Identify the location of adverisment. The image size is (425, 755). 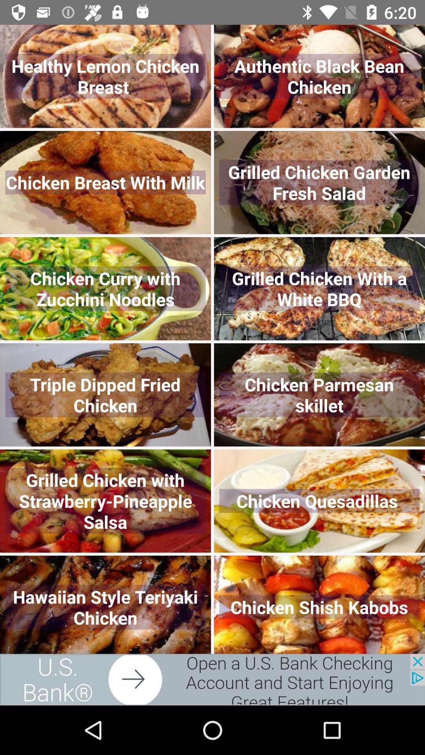
(213, 679).